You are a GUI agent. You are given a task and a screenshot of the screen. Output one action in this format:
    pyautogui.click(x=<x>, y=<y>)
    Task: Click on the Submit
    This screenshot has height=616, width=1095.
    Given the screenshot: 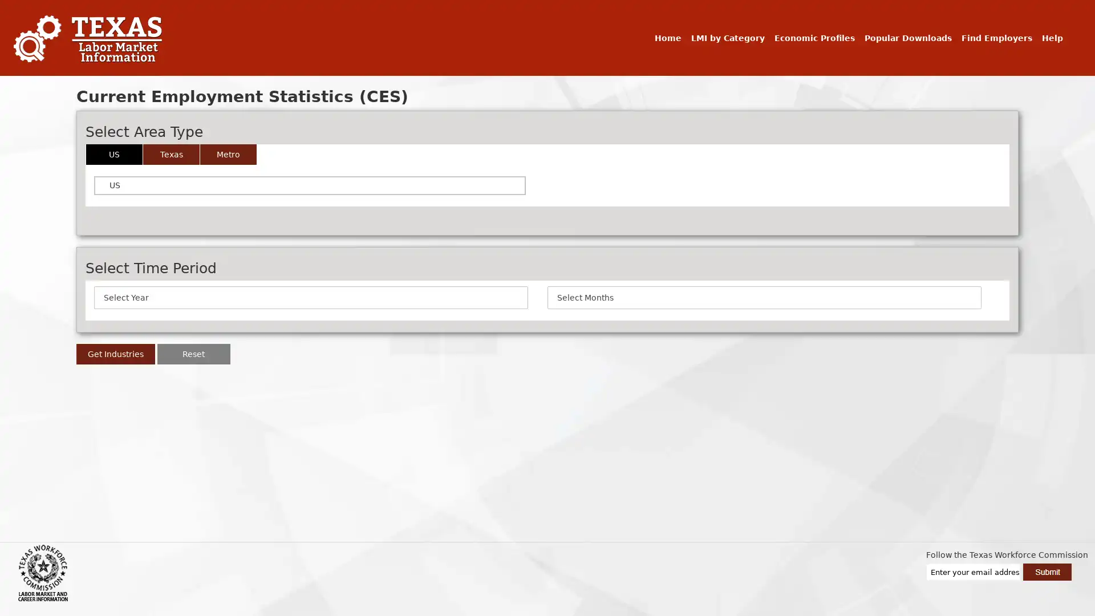 What is the action you would take?
    pyautogui.click(x=1047, y=572)
    